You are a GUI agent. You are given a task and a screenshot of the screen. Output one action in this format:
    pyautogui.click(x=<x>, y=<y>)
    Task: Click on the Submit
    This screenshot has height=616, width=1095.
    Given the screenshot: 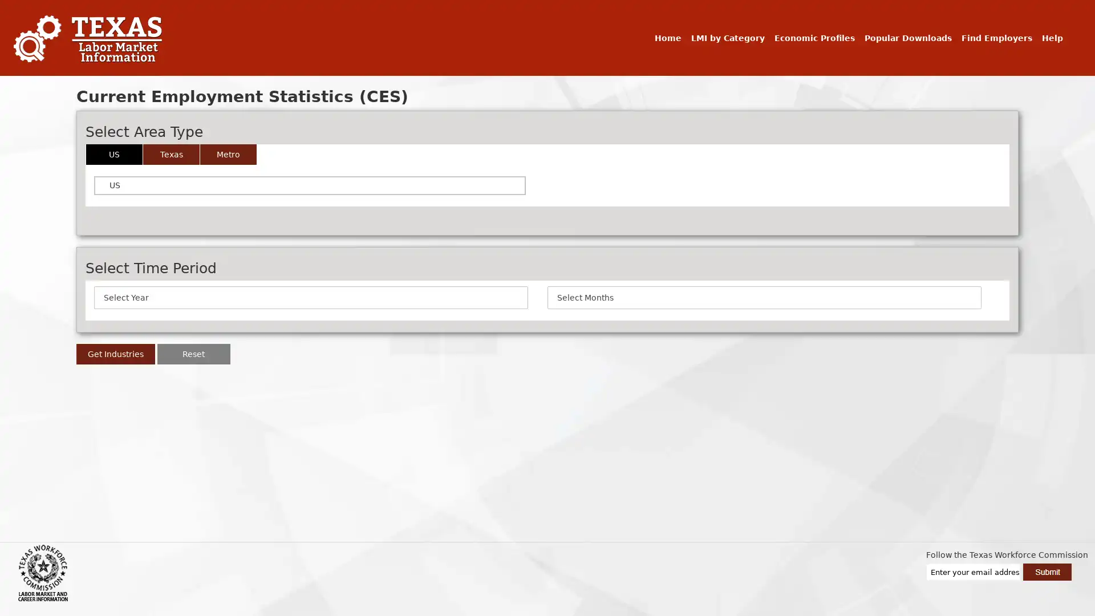 What is the action you would take?
    pyautogui.click(x=1047, y=572)
    